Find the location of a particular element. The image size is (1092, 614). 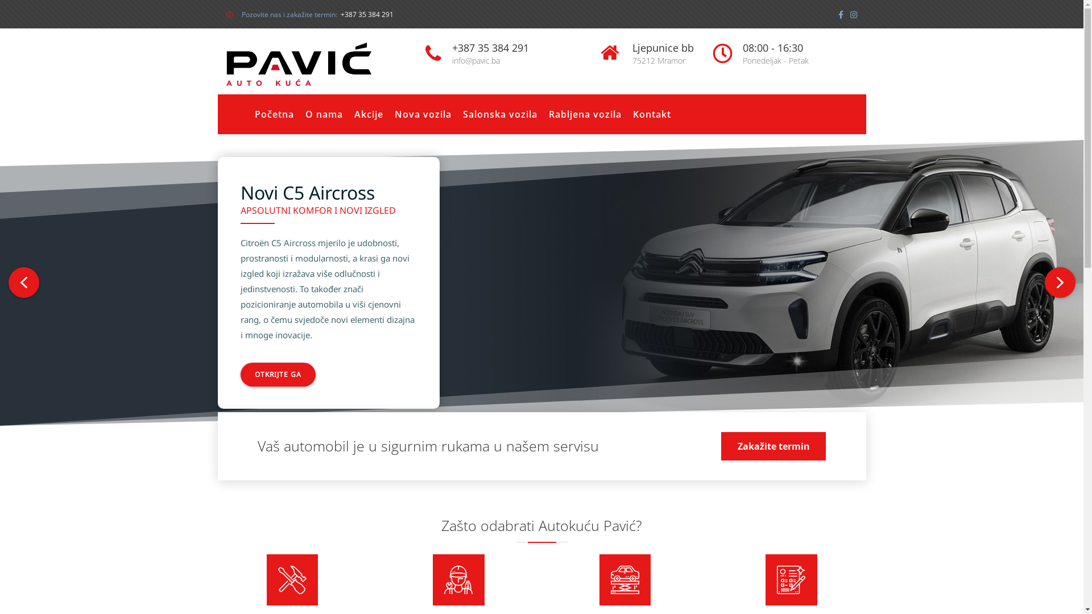

'Kontakt' is located at coordinates (651, 114).